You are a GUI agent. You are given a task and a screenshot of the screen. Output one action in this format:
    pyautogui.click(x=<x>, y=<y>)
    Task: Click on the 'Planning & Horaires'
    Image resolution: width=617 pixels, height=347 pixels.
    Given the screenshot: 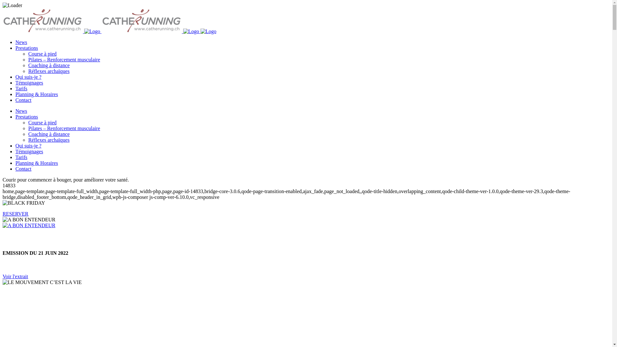 What is the action you would take?
    pyautogui.click(x=36, y=94)
    